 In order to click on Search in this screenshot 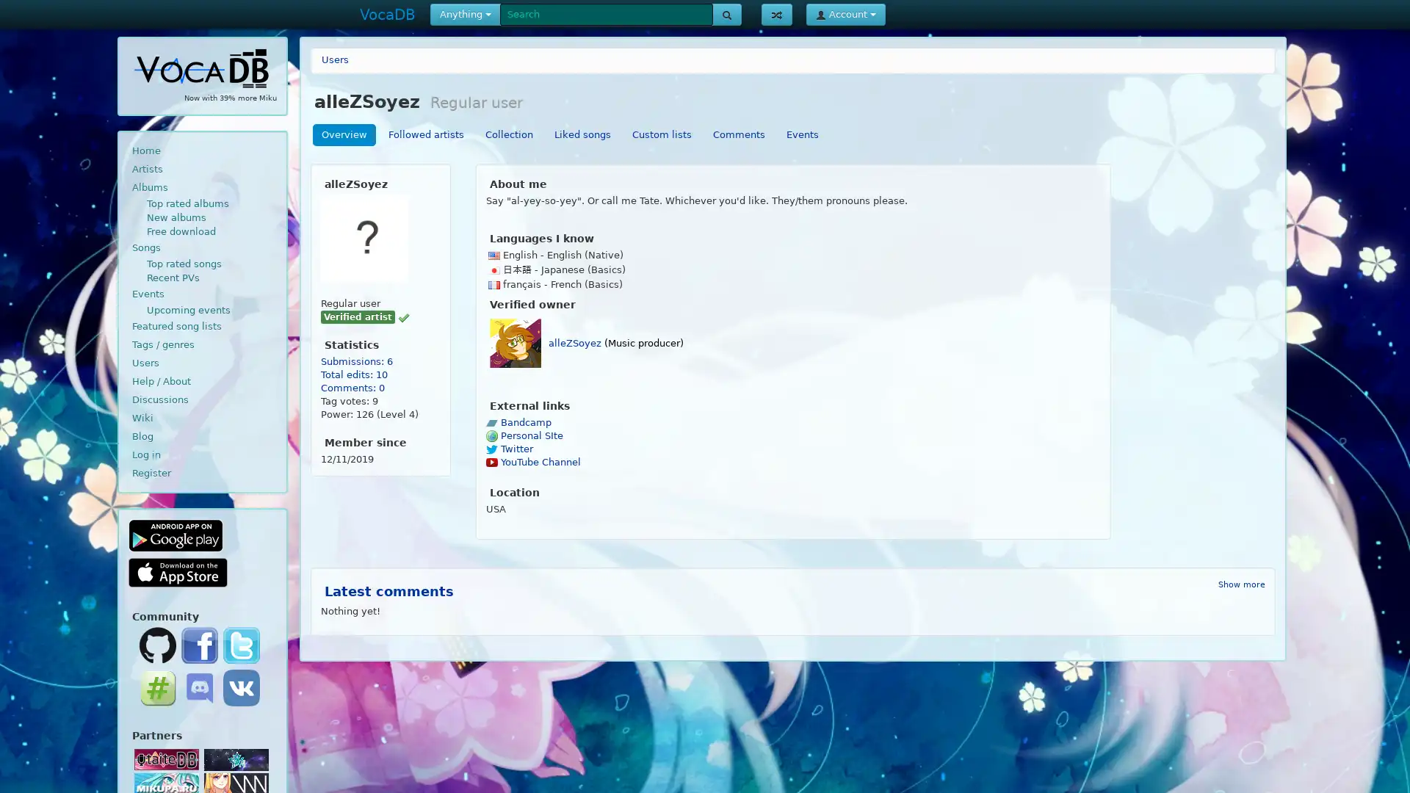, I will do `click(726, 14)`.